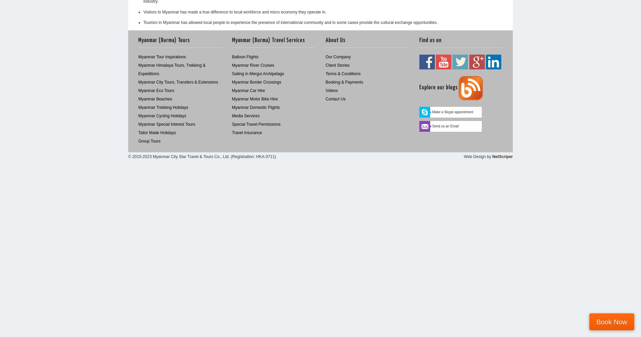  I want to click on 'Myanmar Tour Inspirations', so click(138, 57).